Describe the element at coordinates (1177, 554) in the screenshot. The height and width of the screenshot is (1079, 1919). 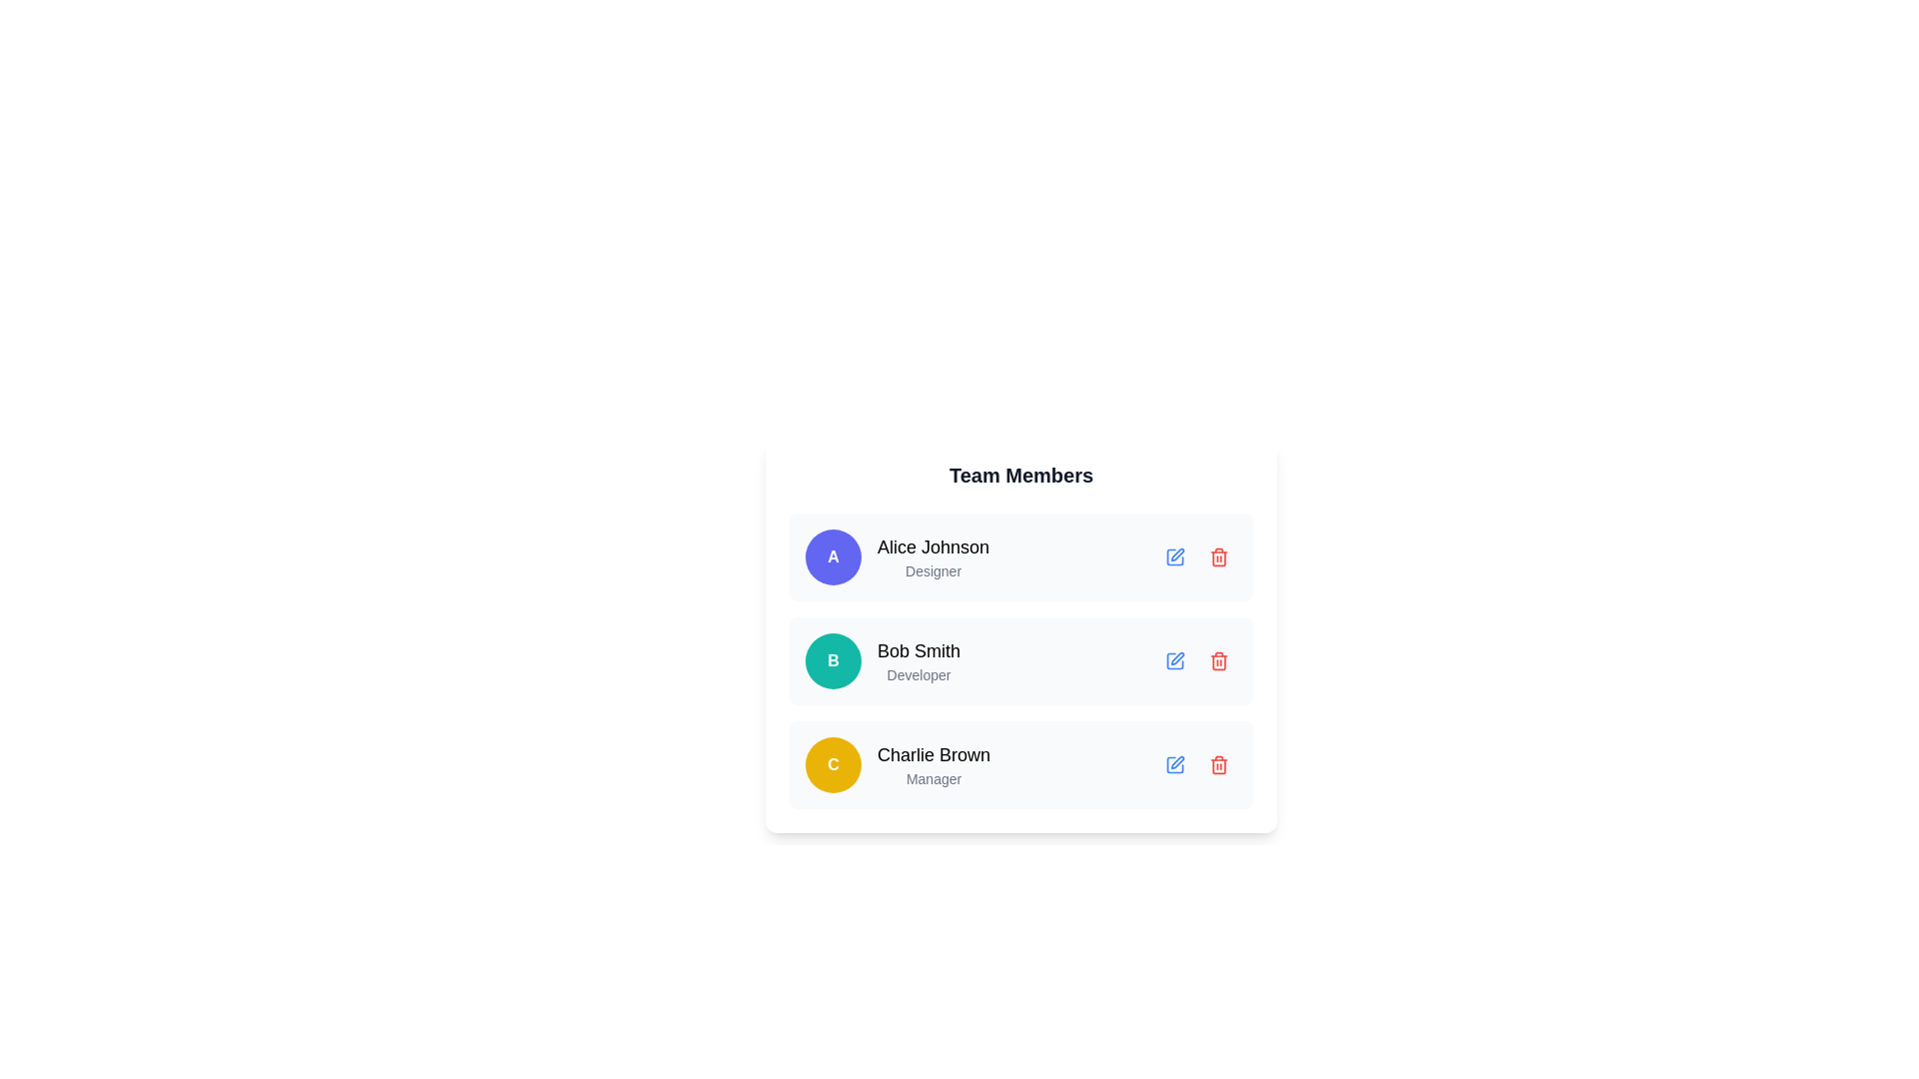
I see `the pen-shaped icon to initiate editing for the user profile of 'Bob Smith'` at that location.